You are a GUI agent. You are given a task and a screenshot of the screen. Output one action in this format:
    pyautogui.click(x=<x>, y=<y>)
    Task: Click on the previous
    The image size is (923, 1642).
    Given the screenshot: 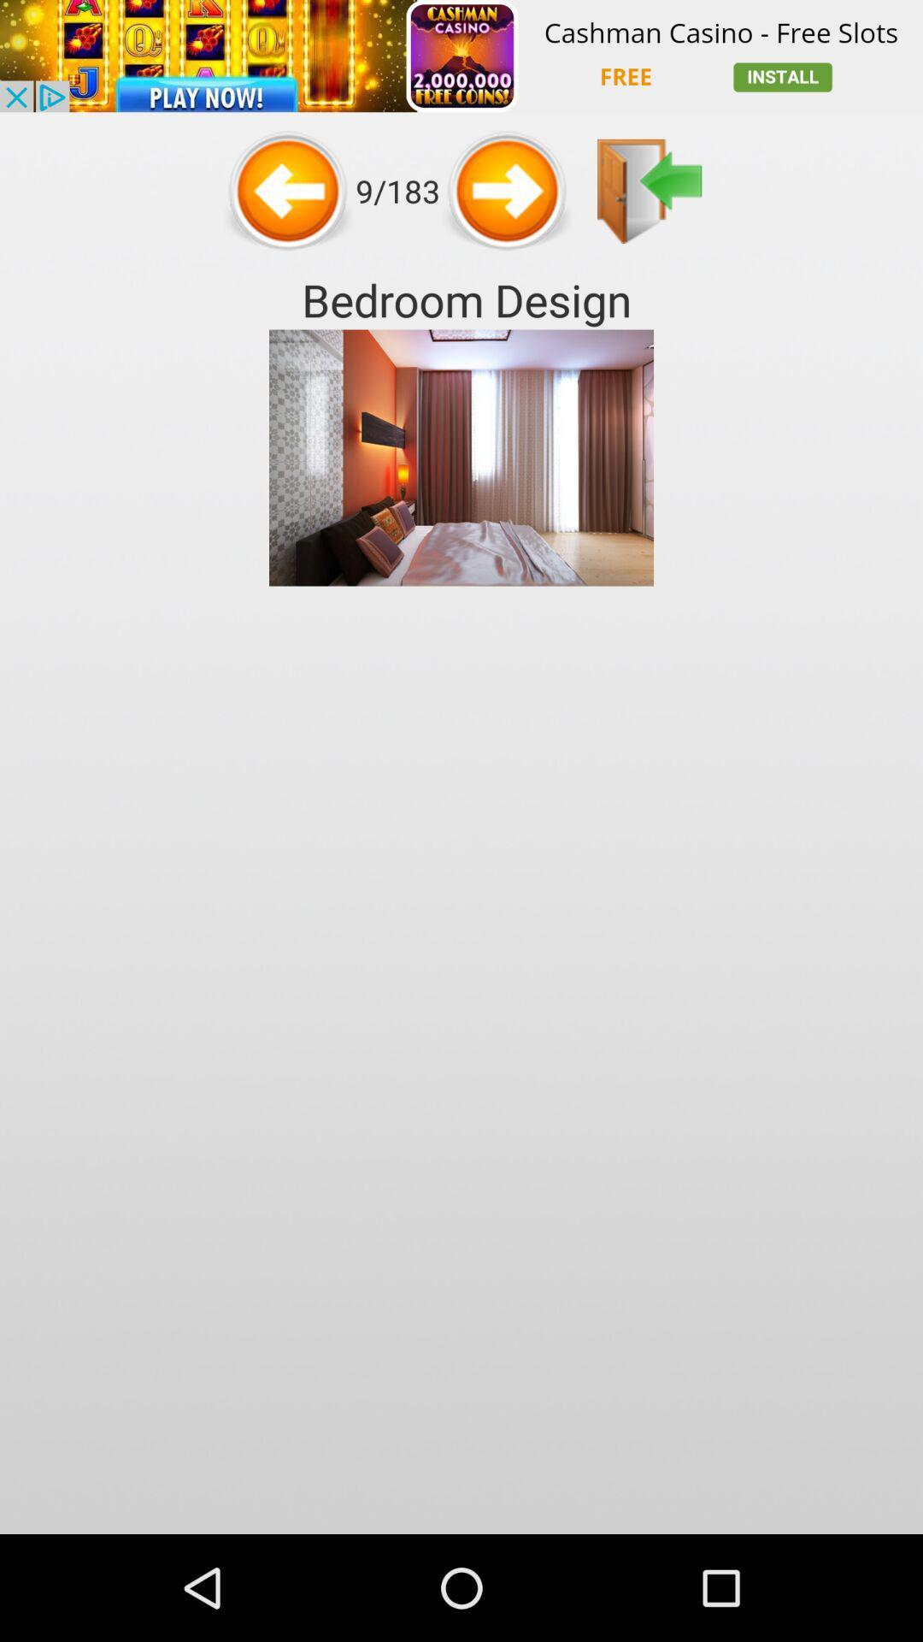 What is the action you would take?
    pyautogui.click(x=650, y=191)
    